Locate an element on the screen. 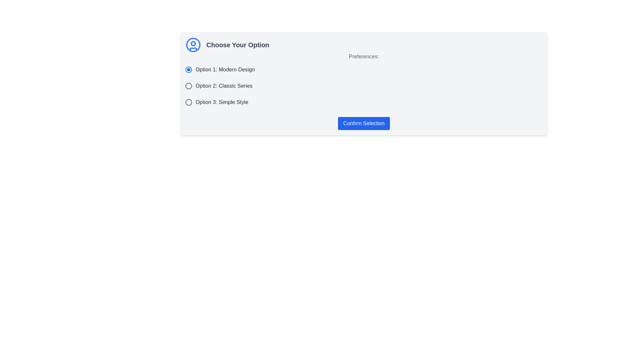  the largest circle in the user icon graphic located to the left of the text header 'Choose Your Option' is located at coordinates (193, 45).